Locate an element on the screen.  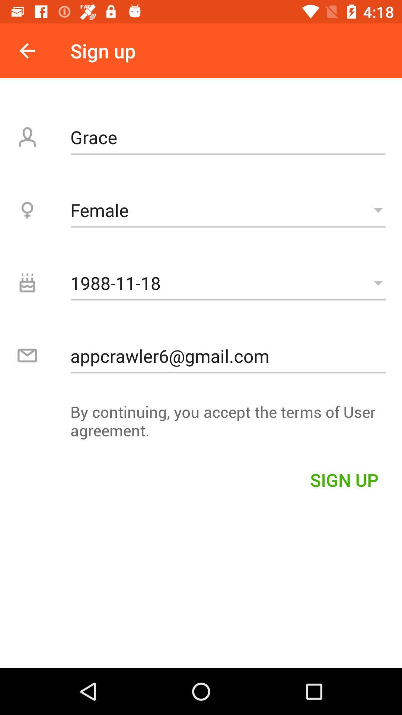
the item next to the sign up item is located at coordinates (27, 50).